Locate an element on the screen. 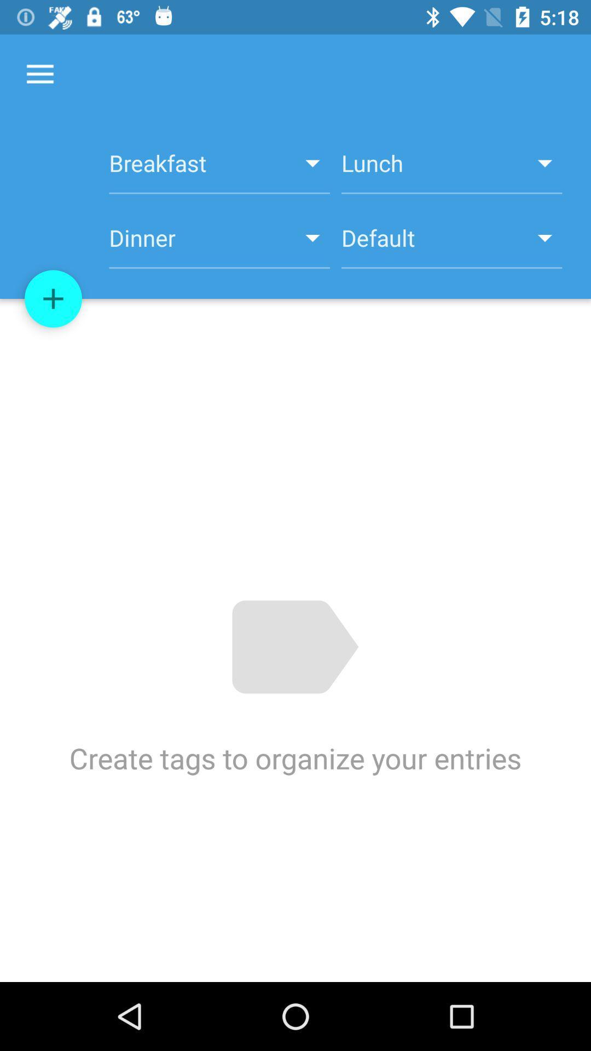 This screenshot has height=1051, width=591. breakfast icon is located at coordinates (219, 169).